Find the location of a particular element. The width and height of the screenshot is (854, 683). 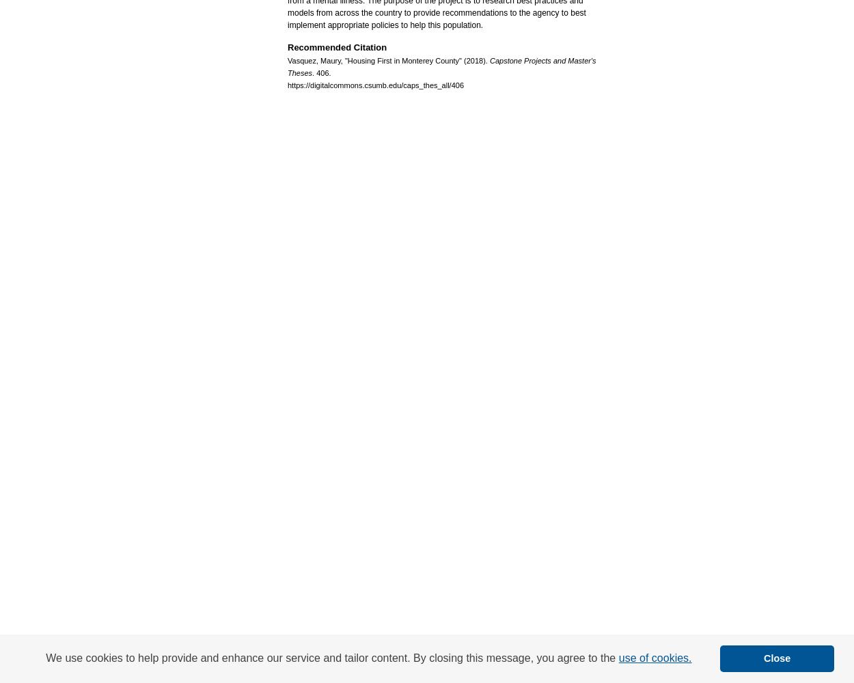

'Capstone Projects and Master's Theses' is located at coordinates (441, 66).